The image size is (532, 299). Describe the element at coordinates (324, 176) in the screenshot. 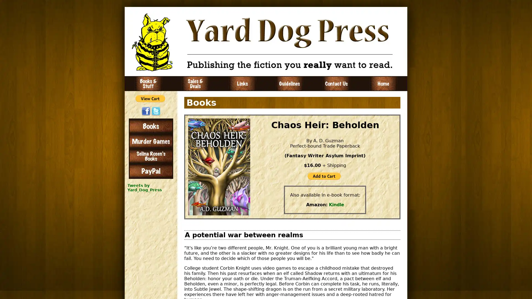

I see `PayPal - The safer, easier way to pay online!` at that location.